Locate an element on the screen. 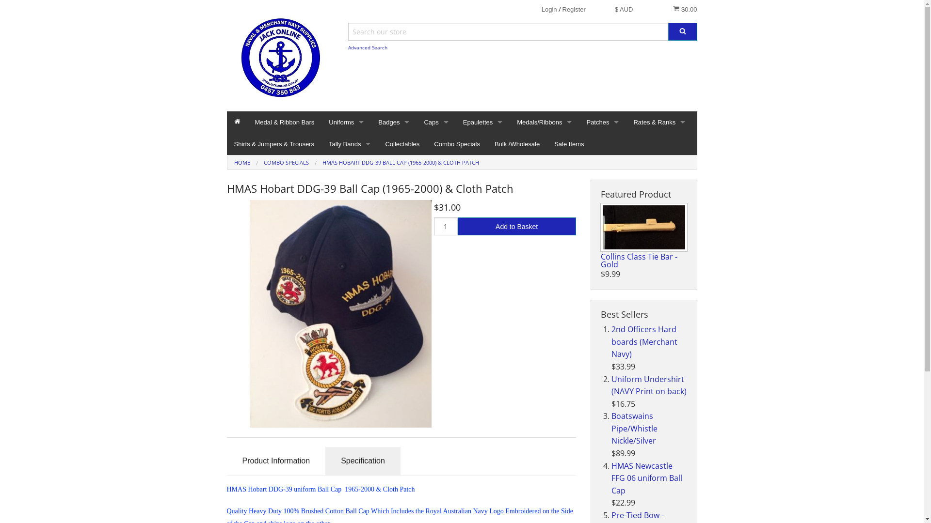 The height and width of the screenshot is (523, 931). 'Product Information' is located at coordinates (276, 461).